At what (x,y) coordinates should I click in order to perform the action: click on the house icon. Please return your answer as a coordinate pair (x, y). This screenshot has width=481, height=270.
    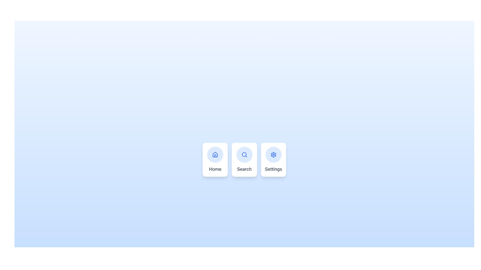
    Looking at the image, I should click on (215, 154).